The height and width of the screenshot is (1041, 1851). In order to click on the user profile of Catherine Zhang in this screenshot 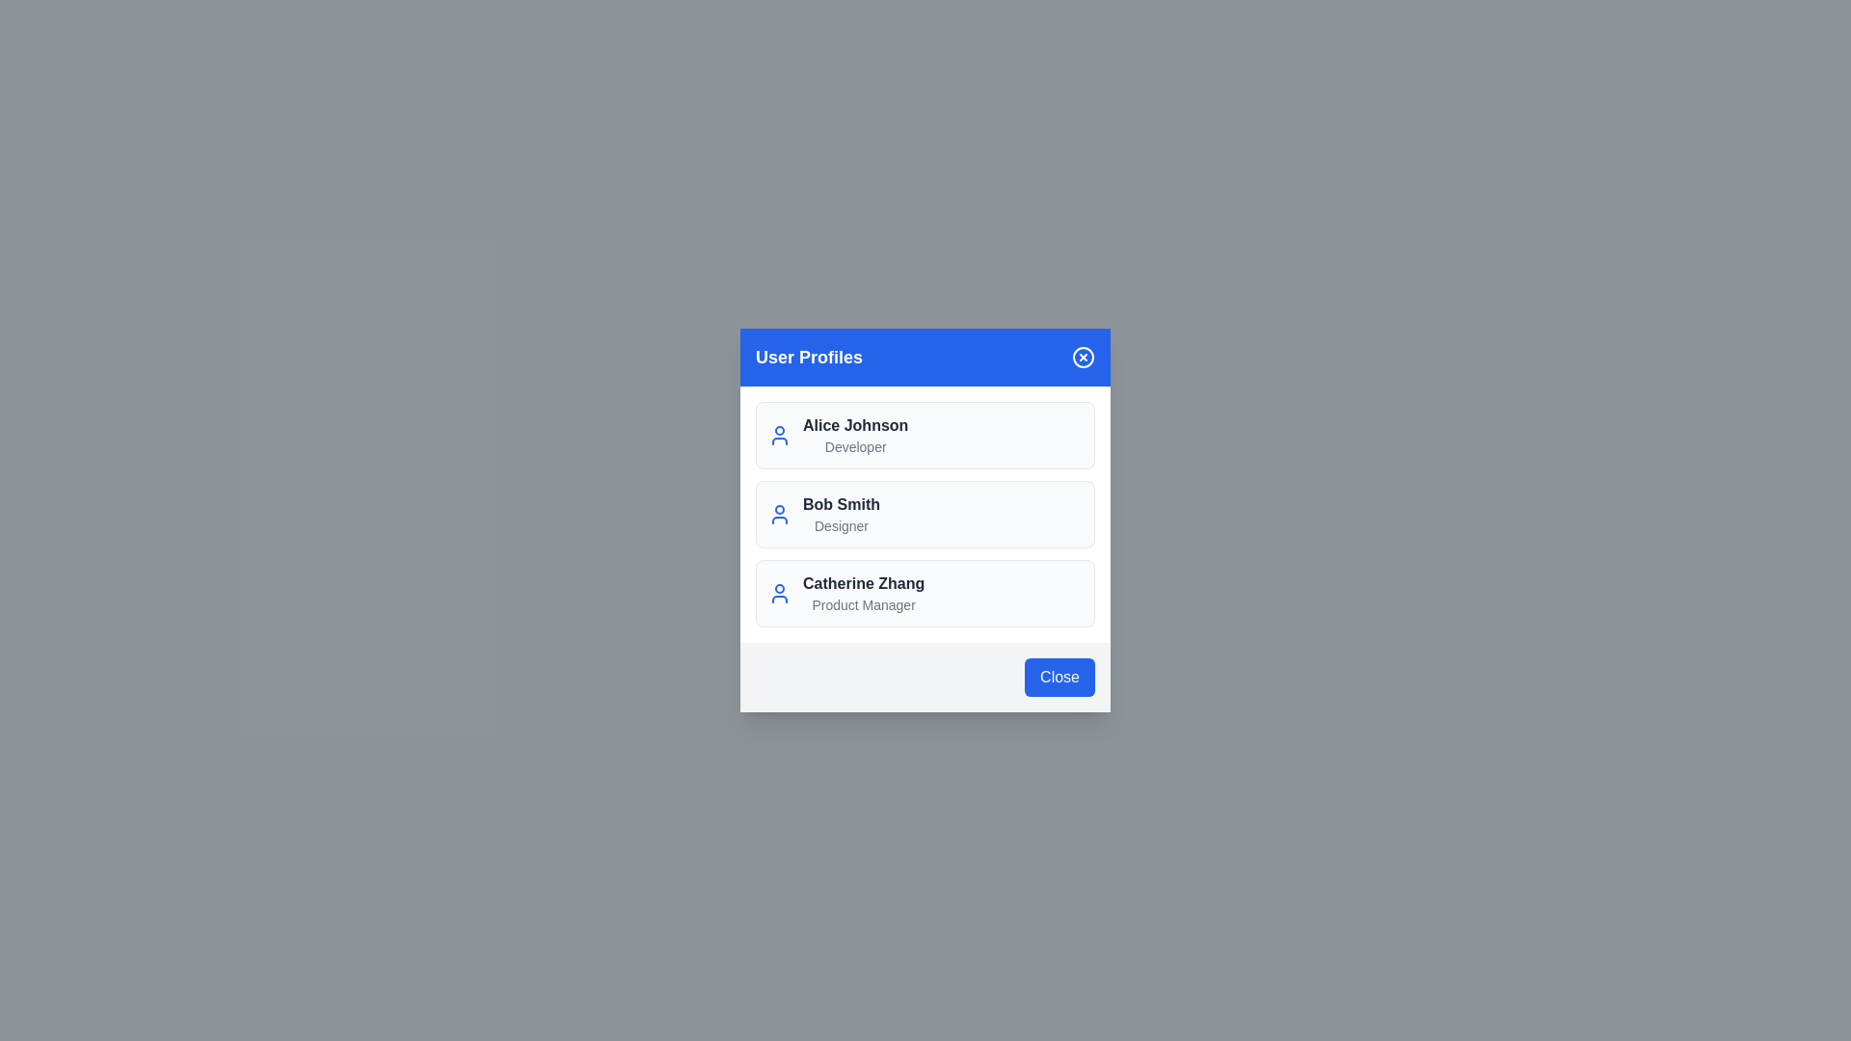, I will do `click(925, 593)`.